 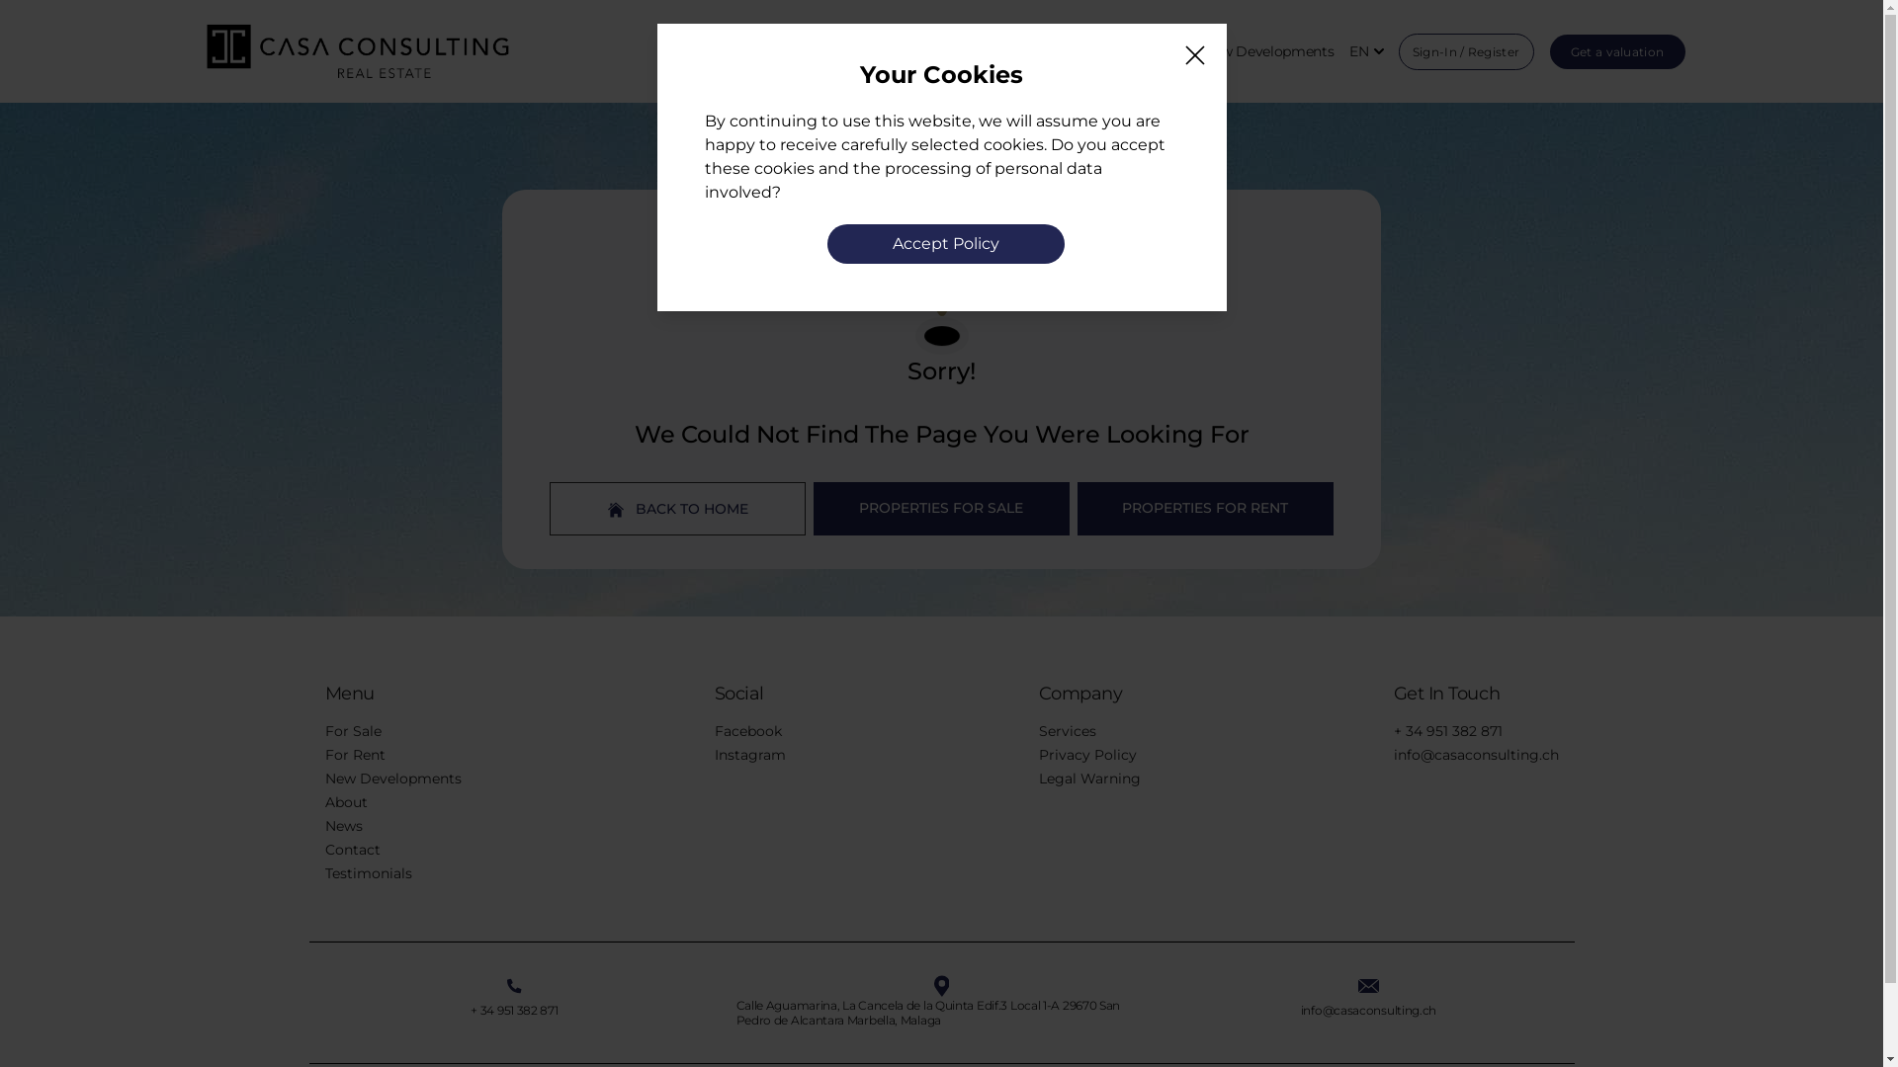 I want to click on 'Instagram', so click(x=748, y=754).